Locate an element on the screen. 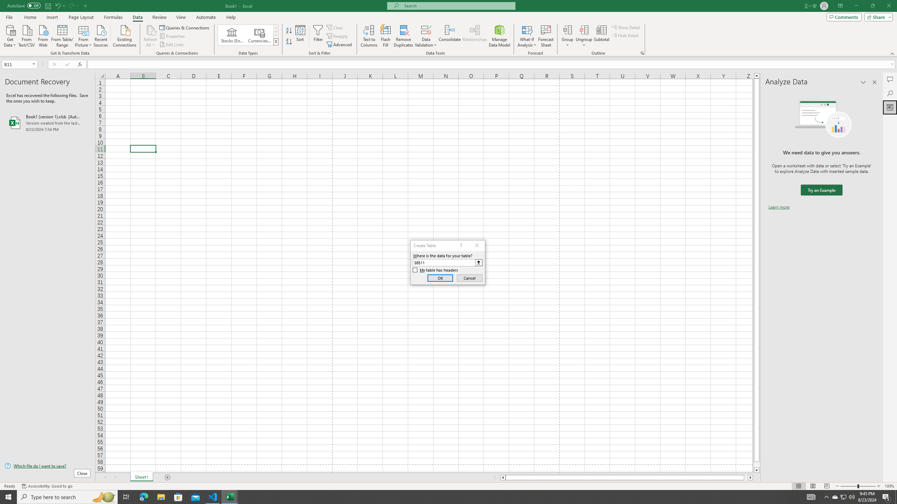 This screenshot has width=897, height=504. 'Task Pane Options' is located at coordinates (863, 82).